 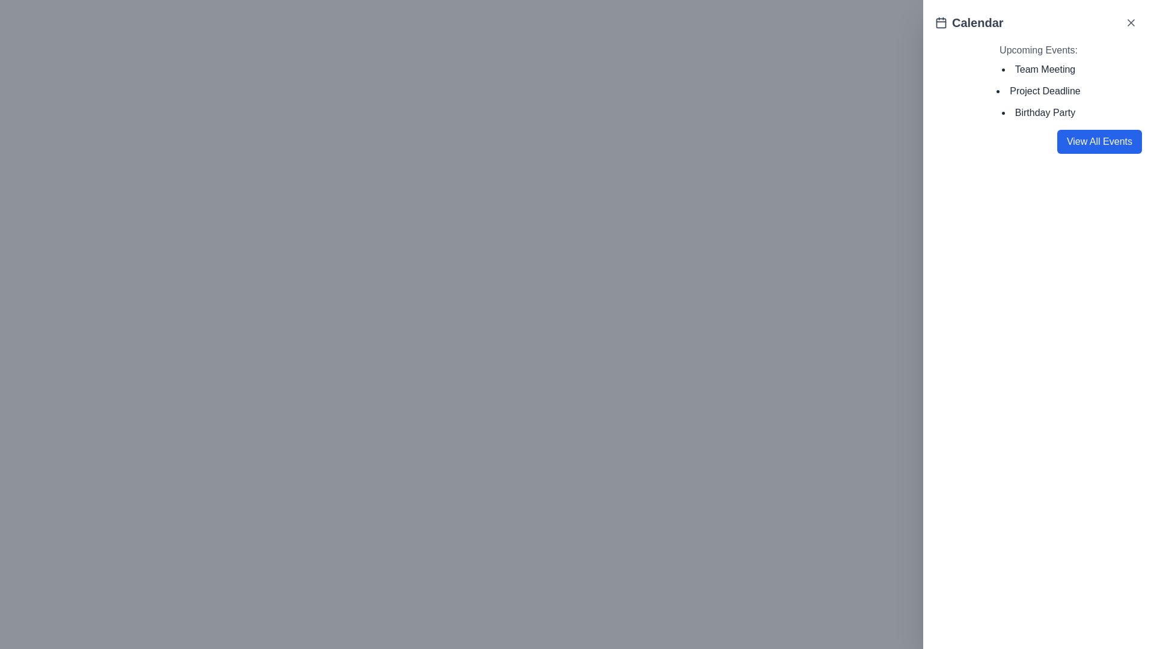 I want to click on information displayed in the text label for the event titled 'Team Meeting', which is the first item in the list of upcoming events located in the top-right panel of the interface, so click(x=1038, y=69).